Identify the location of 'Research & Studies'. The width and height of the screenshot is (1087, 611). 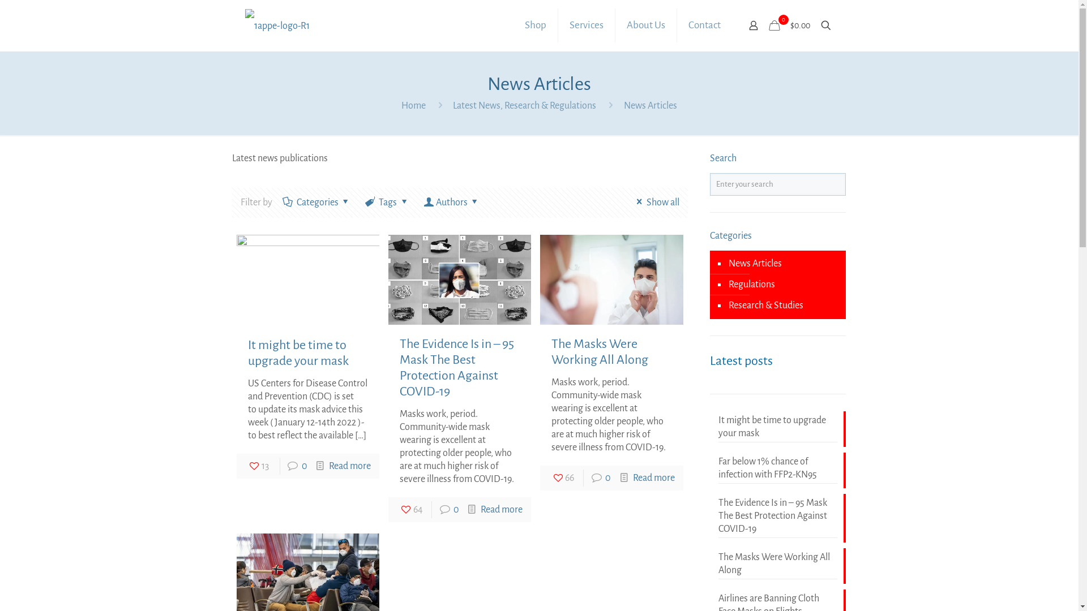
(726, 305).